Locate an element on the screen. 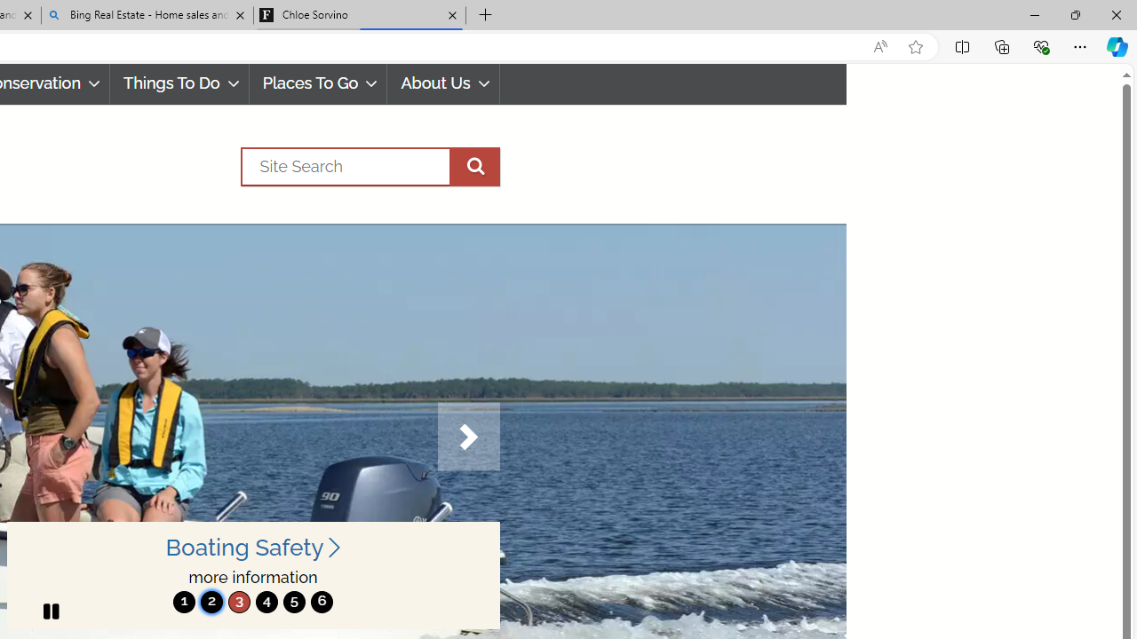  '1' is located at coordinates (184, 601).